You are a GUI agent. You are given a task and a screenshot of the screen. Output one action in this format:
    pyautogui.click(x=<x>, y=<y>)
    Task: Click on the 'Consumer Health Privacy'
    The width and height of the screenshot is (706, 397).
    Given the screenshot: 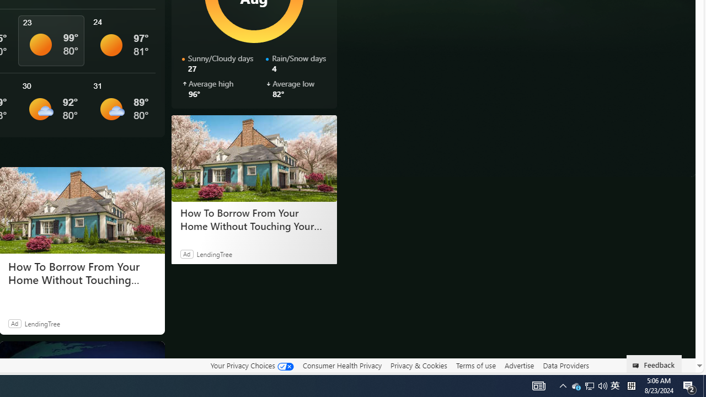 What is the action you would take?
    pyautogui.click(x=341, y=366)
    